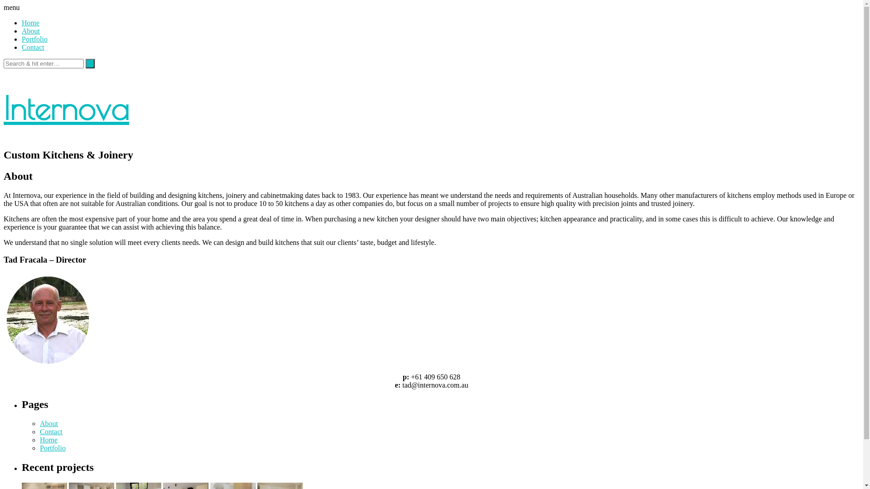 The height and width of the screenshot is (489, 870). Describe the element at coordinates (51, 431) in the screenshot. I see `'Contact'` at that location.